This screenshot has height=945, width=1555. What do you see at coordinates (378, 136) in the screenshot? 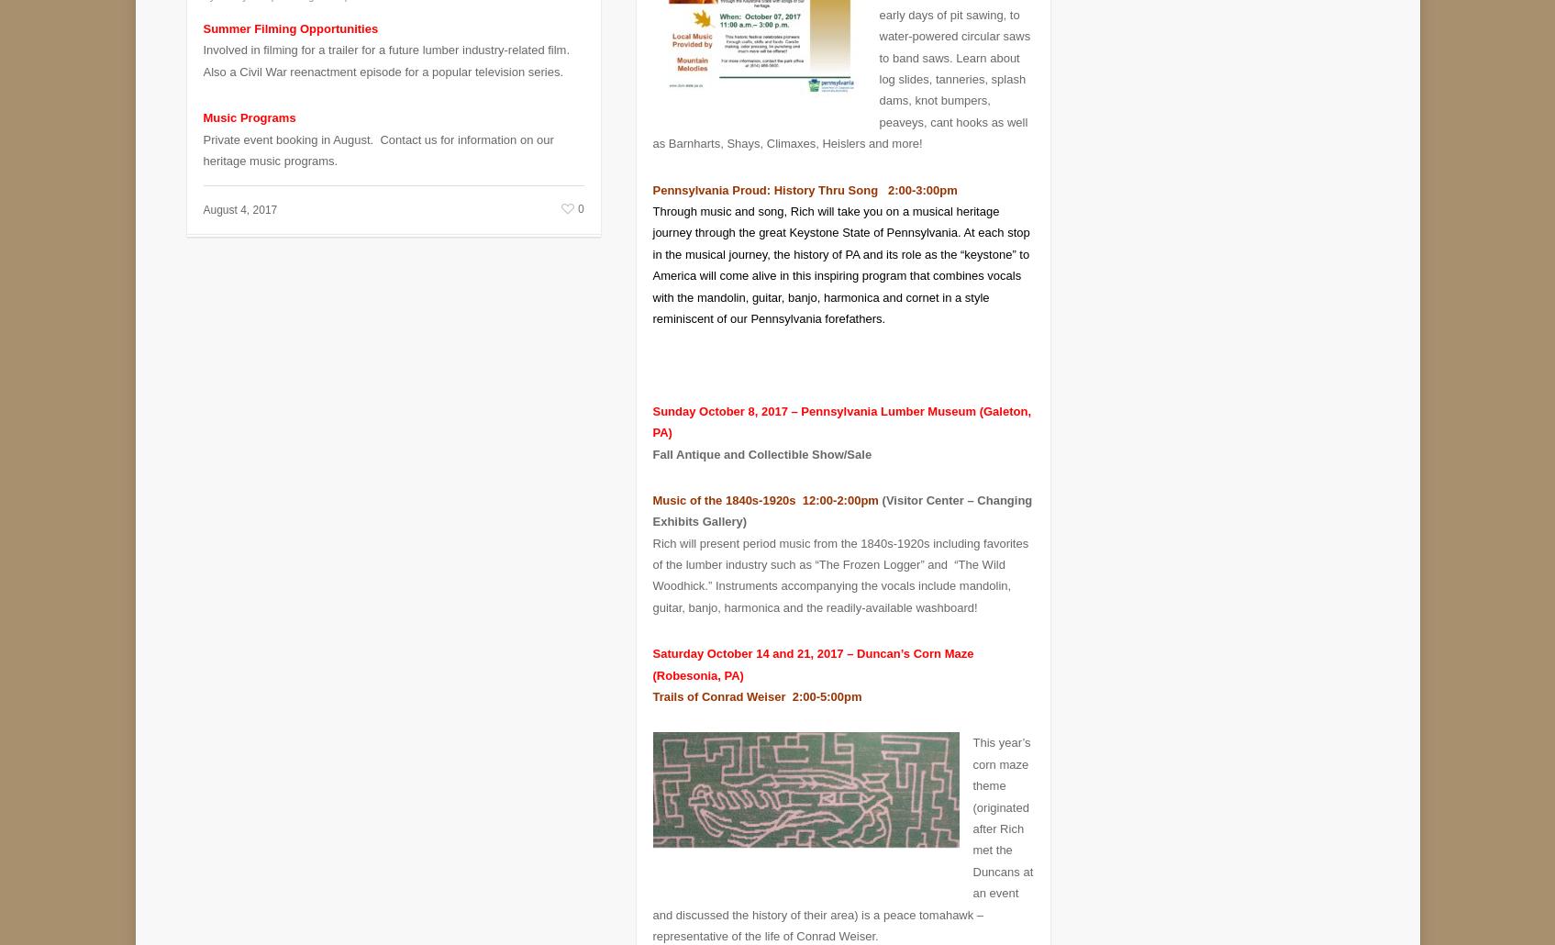
I see `'Private event booking in August.  Contact us for information on our heritage music programs.'` at bounding box center [378, 136].